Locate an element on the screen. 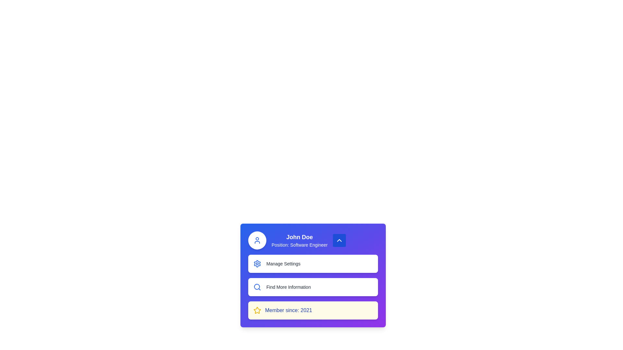  the interactive button with an upward-pointing chevron icon, positioned to the right of the text block displaying 'John Doe' and 'Position: Software Engineer' is located at coordinates (339, 240).